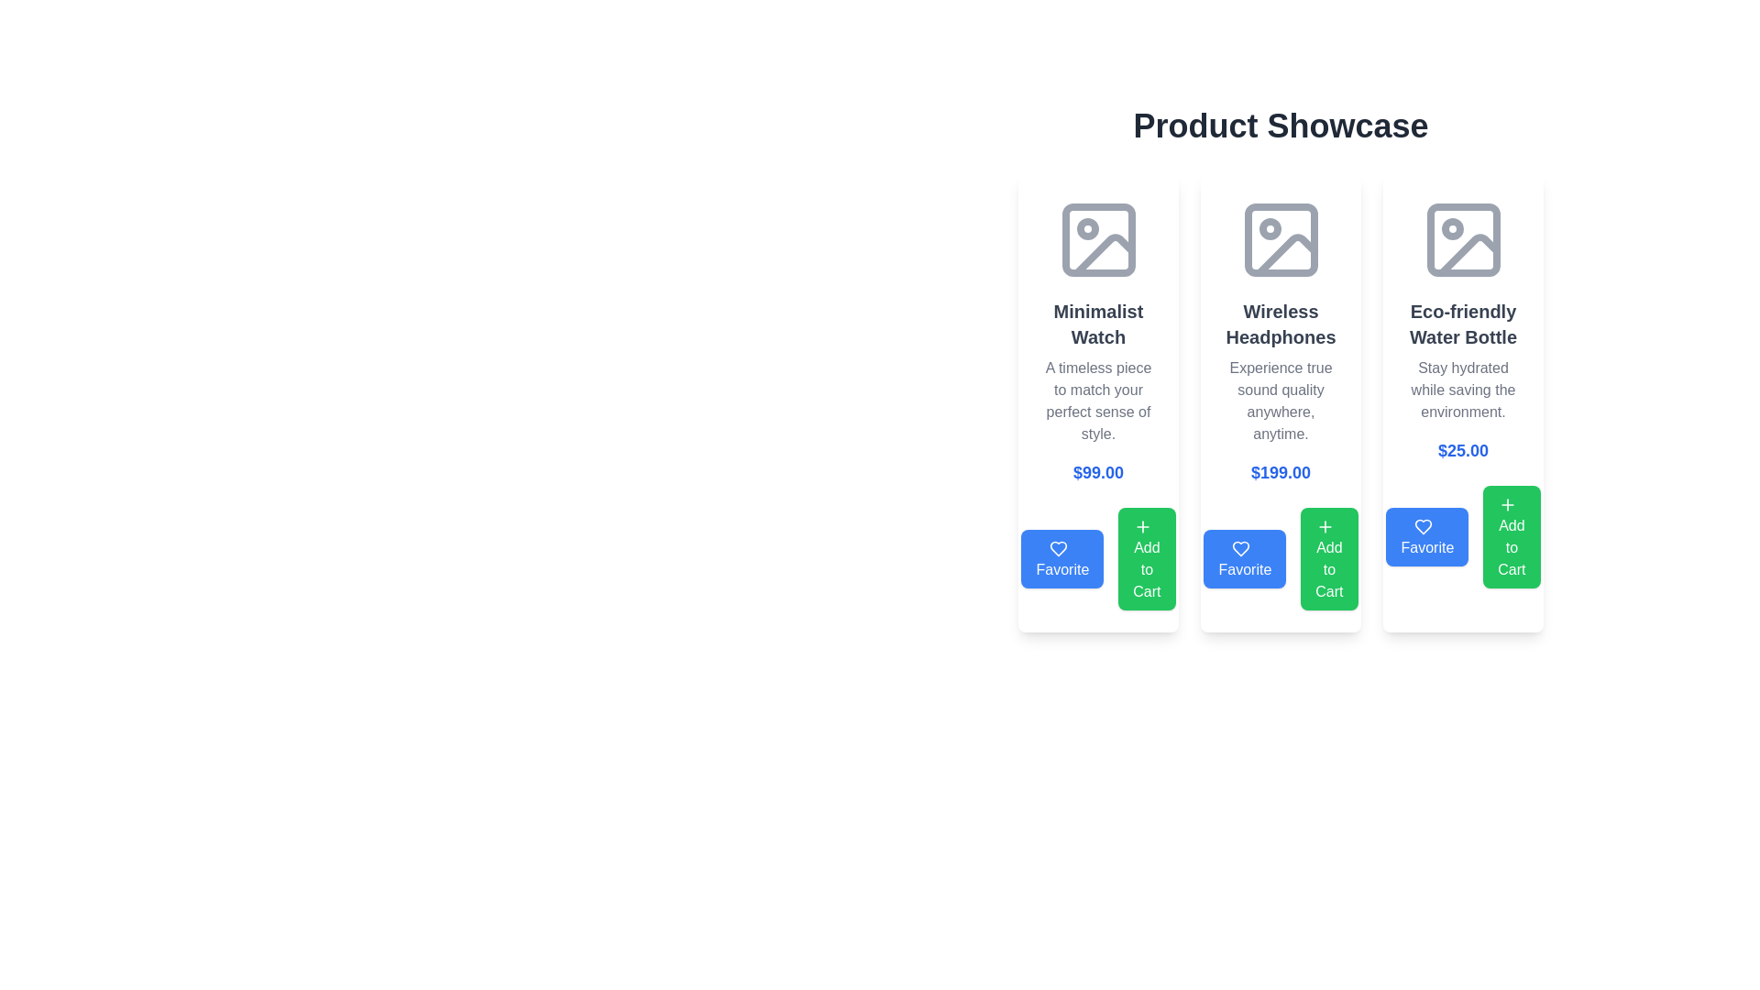 The image size is (1760, 990). Describe the element at coordinates (1462, 324) in the screenshot. I see `the text label displaying 'Eco-friendly Water Bottle', which is styled in a large, bold font and positioned near the top of the third product panel from the left` at that location.